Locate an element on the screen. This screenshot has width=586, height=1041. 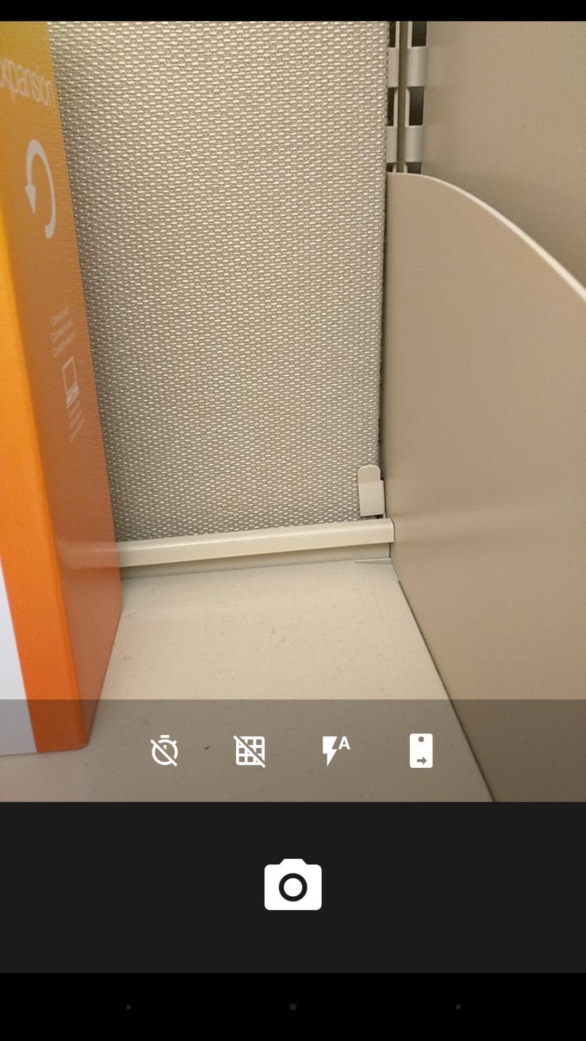
the bookmark icon is located at coordinates (421, 750).